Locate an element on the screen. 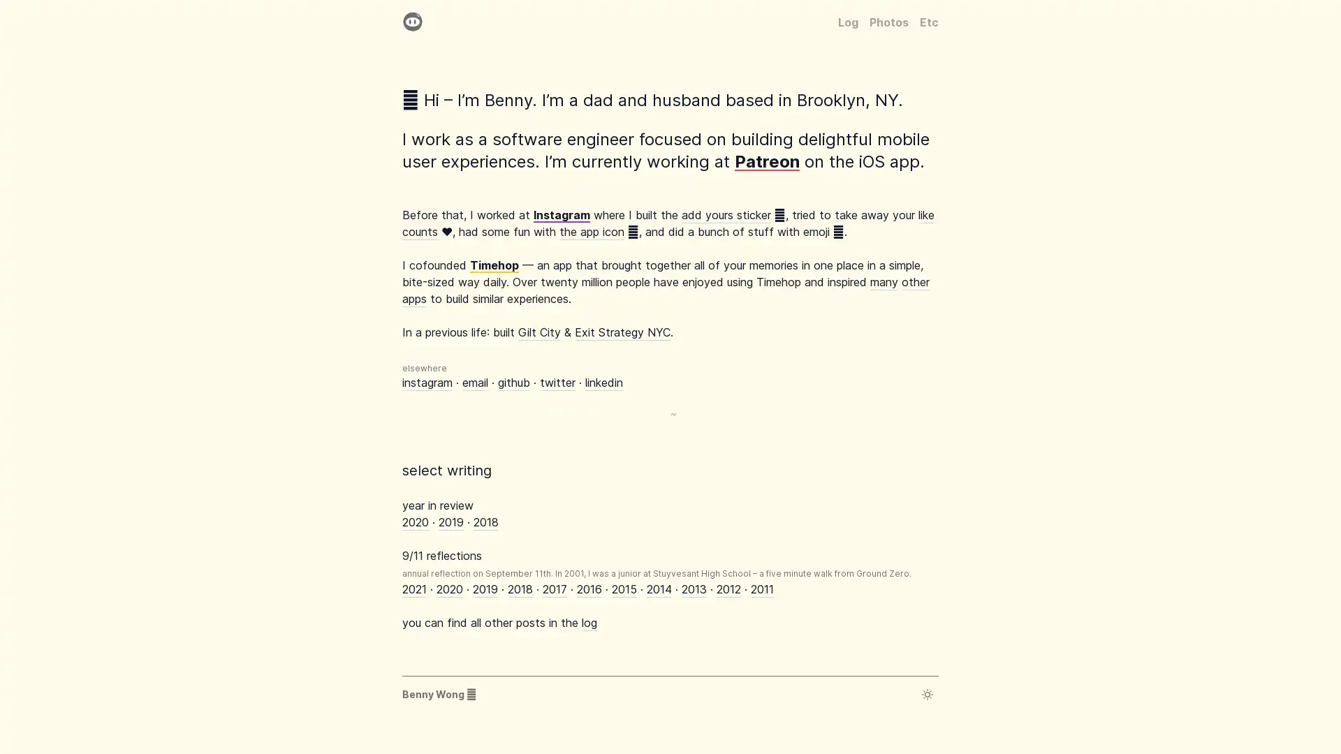 The width and height of the screenshot is (1341, 754). Toggle dark mode is located at coordinates (928, 695).